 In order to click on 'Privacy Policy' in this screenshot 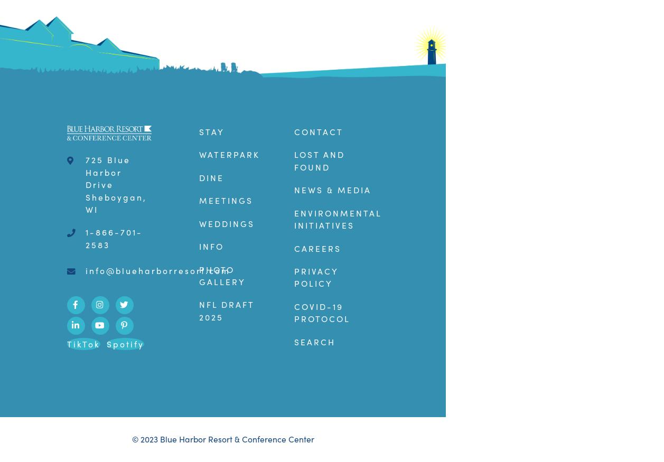, I will do `click(293, 277)`.